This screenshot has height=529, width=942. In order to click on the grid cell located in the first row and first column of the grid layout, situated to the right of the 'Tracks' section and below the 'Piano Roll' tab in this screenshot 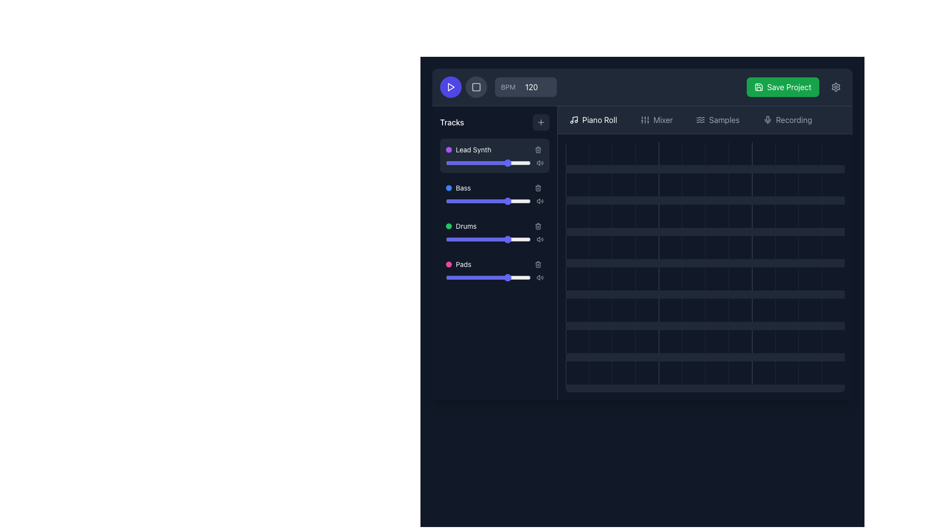, I will do `click(577, 153)`.